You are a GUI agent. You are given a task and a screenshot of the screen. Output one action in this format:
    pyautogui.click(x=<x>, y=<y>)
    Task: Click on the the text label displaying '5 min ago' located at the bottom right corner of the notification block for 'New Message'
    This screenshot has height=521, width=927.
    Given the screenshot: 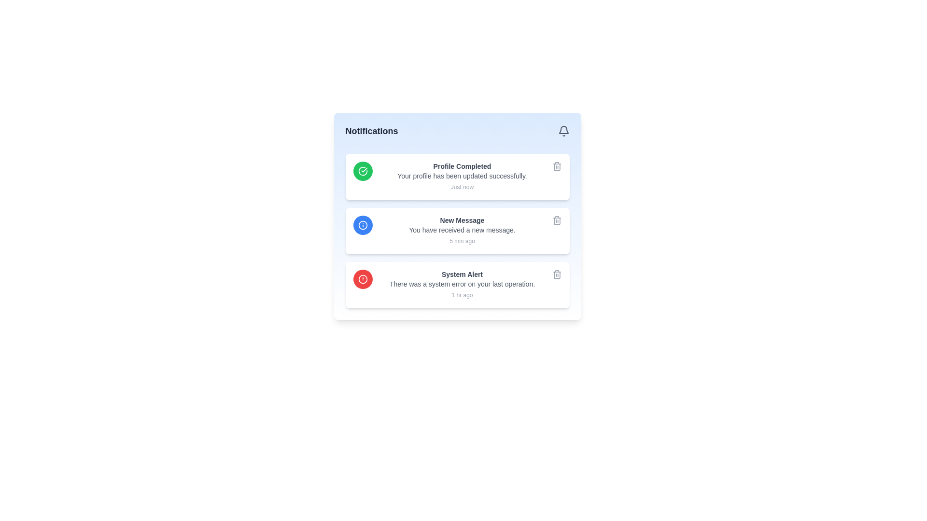 What is the action you would take?
    pyautogui.click(x=462, y=241)
    